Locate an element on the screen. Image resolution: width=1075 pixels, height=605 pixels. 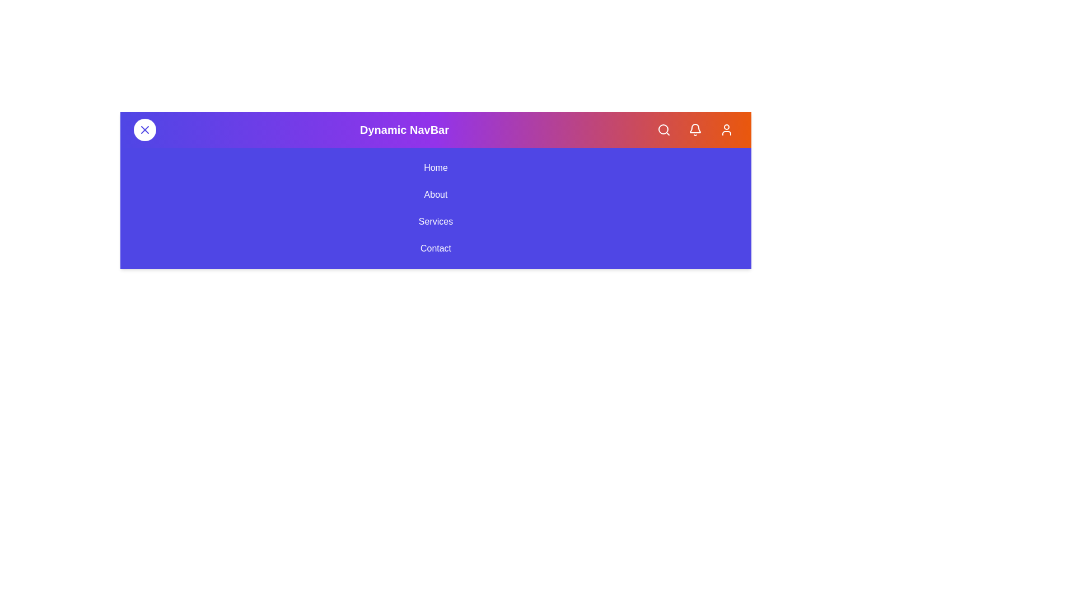
the Profile button in the app bar is located at coordinates (726, 129).